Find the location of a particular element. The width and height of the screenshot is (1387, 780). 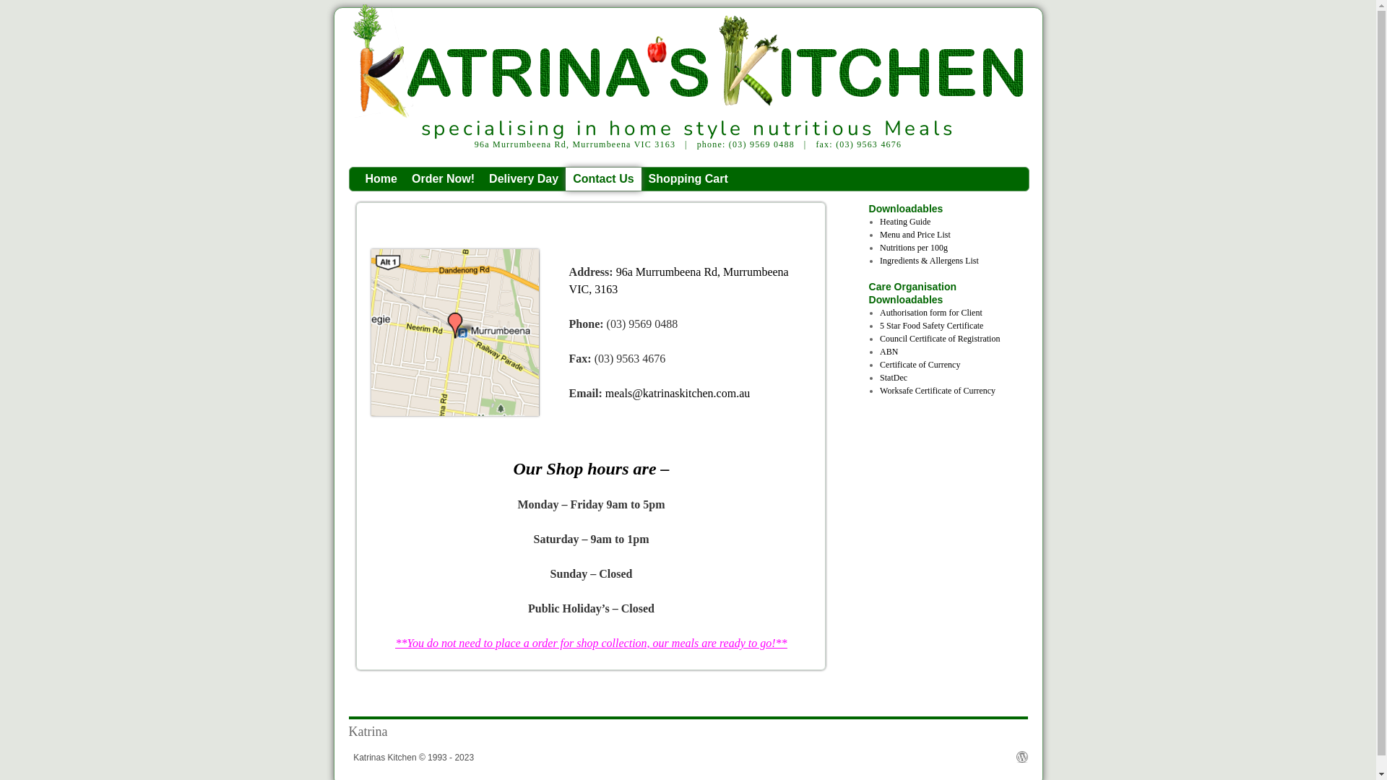

'StatDec' is located at coordinates (879, 377).